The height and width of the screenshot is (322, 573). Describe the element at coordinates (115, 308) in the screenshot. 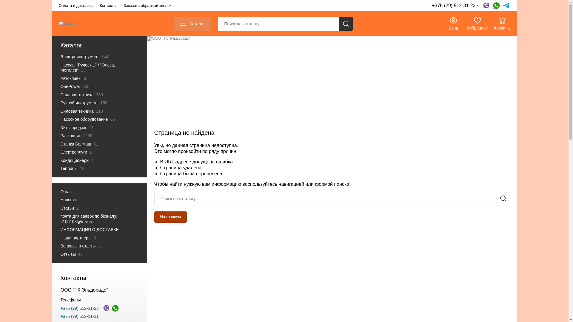

I see `'WhatsApp'` at that location.